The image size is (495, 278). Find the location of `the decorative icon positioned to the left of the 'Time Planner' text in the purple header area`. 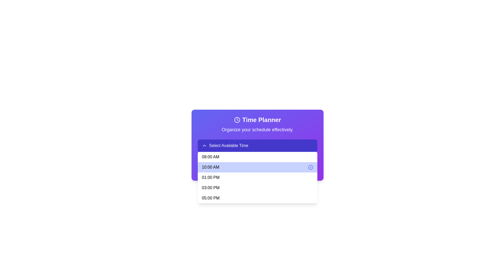

the decorative icon positioned to the left of the 'Time Planner' text in the purple header area is located at coordinates (237, 120).